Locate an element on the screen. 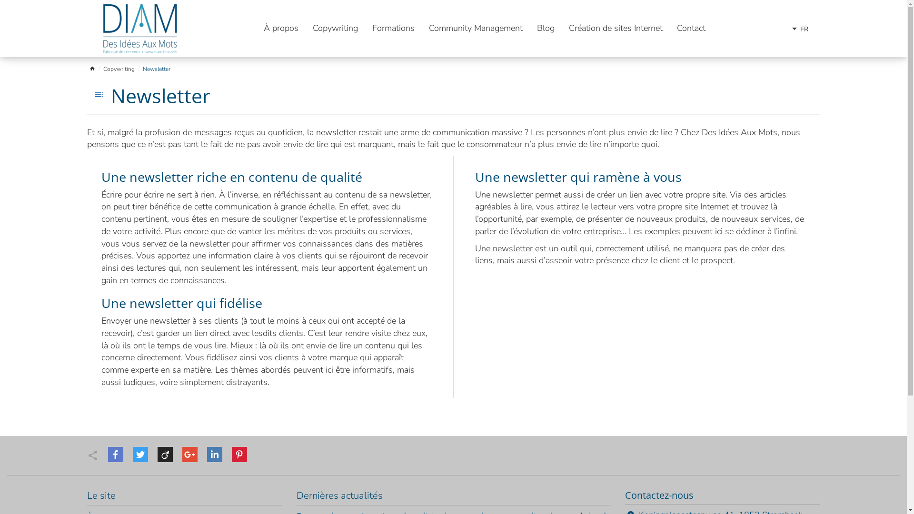  'toc' is located at coordinates (98, 95).